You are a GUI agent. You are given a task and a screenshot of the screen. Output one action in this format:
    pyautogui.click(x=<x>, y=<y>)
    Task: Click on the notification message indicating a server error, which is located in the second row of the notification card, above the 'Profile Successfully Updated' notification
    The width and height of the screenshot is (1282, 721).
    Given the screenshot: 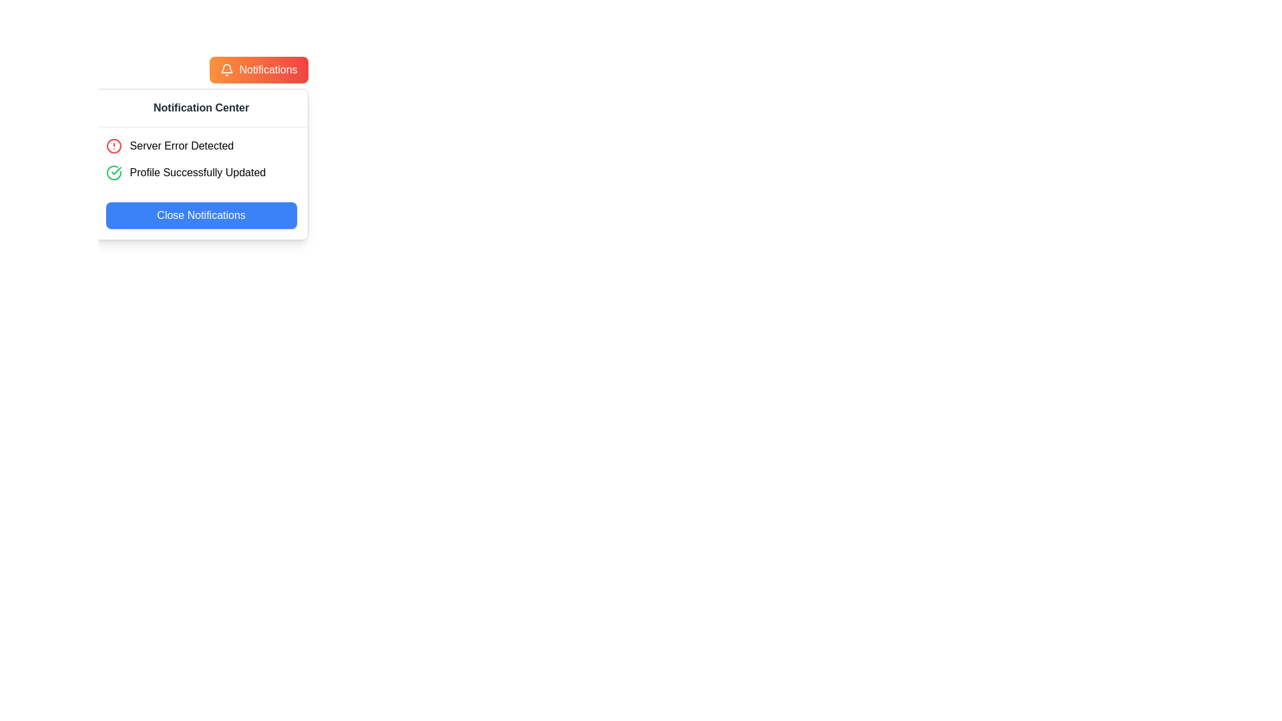 What is the action you would take?
    pyautogui.click(x=200, y=146)
    